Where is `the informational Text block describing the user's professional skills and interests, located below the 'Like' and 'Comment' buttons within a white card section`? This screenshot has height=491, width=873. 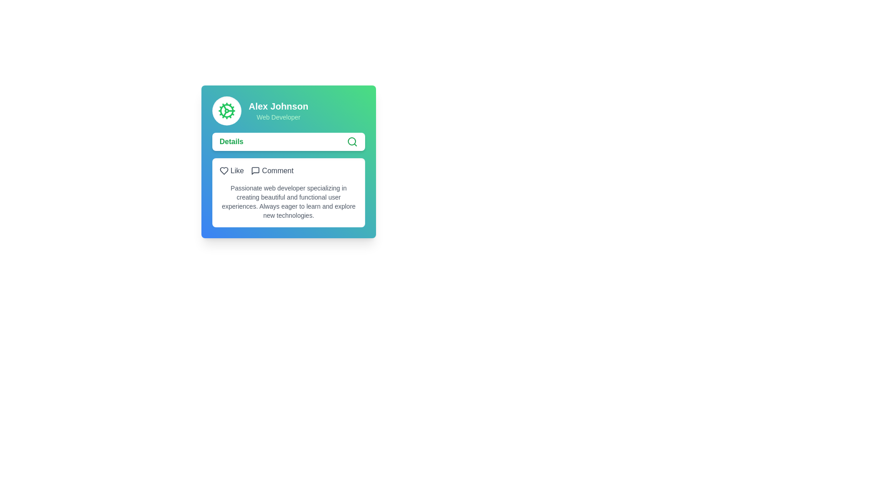
the informational Text block describing the user's professional skills and interests, located below the 'Like' and 'Comment' buttons within a white card section is located at coordinates (288, 201).